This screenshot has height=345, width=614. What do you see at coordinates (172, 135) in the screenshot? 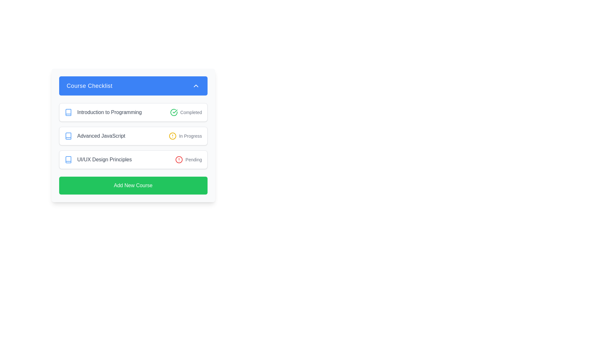
I see `the Status indicator icon, a circular icon with a yellow border and an exclamation mark, located to the left of the 'In Progress' text` at bounding box center [172, 135].